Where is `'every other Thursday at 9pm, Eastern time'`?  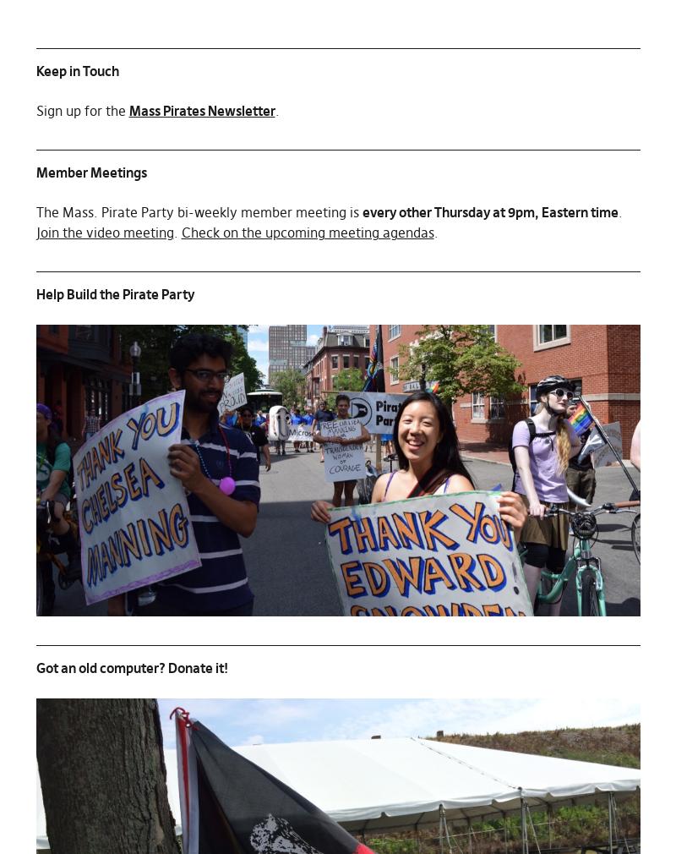 'every other Thursday at 9pm, Eastern time' is located at coordinates (488, 211).